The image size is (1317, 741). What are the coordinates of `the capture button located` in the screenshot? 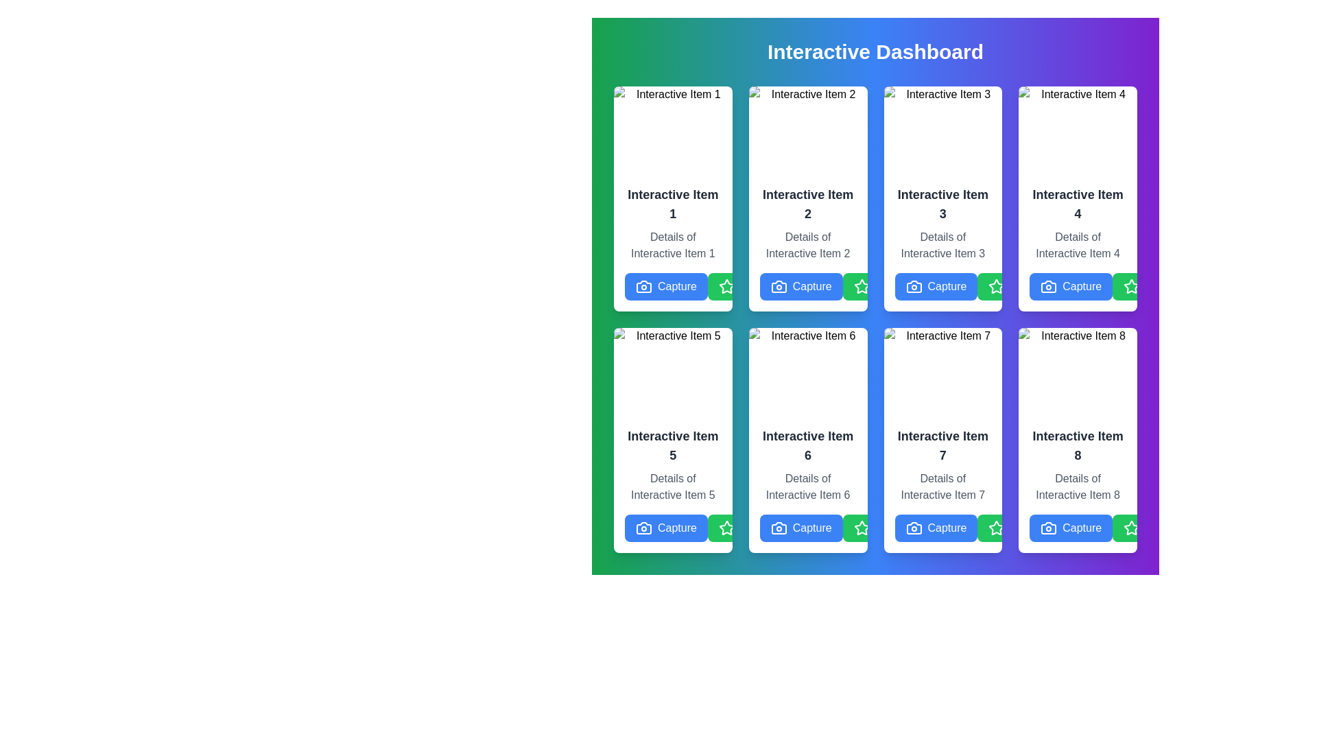 It's located at (935, 285).